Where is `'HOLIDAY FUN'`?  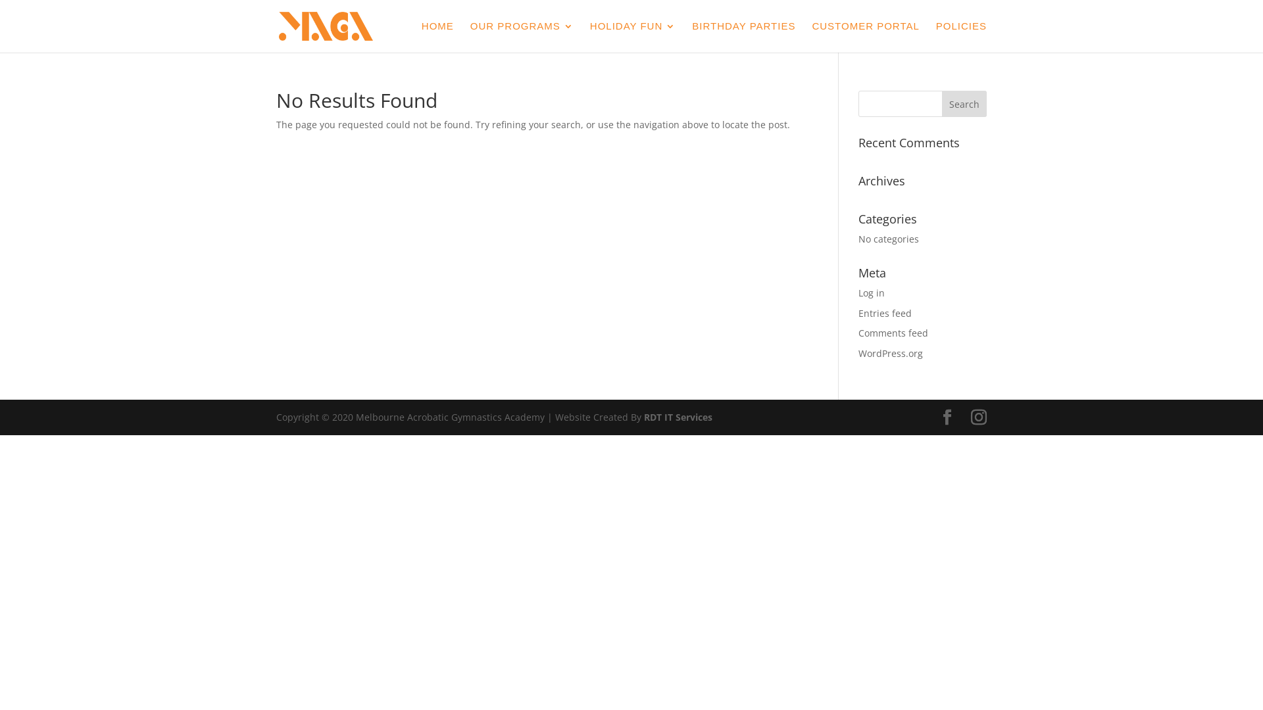
'HOLIDAY FUN' is located at coordinates (632, 36).